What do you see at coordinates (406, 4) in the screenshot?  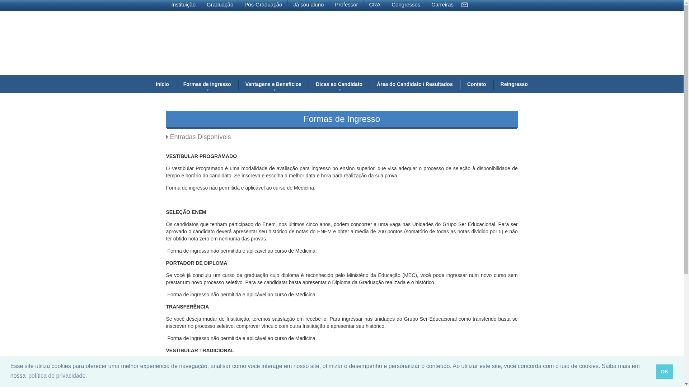 I see `'Congressos'` at bounding box center [406, 4].